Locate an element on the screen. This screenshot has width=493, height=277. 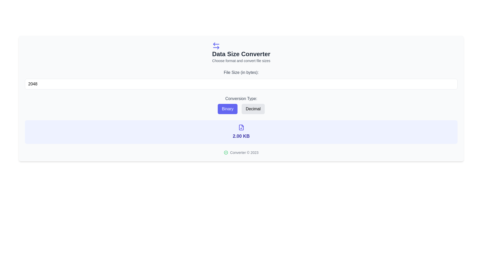
the circular green checkmark icon located in the footer section, next to the text 'Converter © 2023' is located at coordinates (226, 152).